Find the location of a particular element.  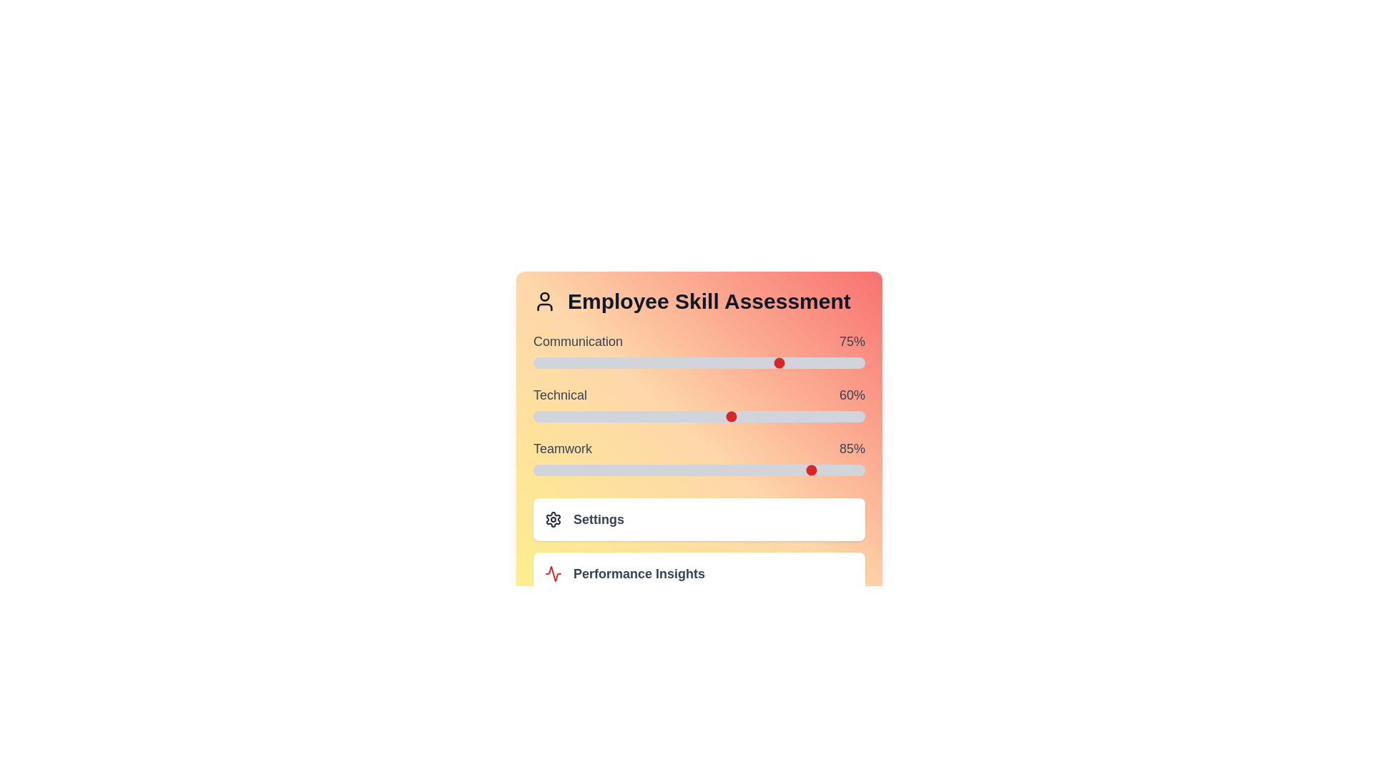

the 'Settings' button to open configuration options is located at coordinates (699, 519).